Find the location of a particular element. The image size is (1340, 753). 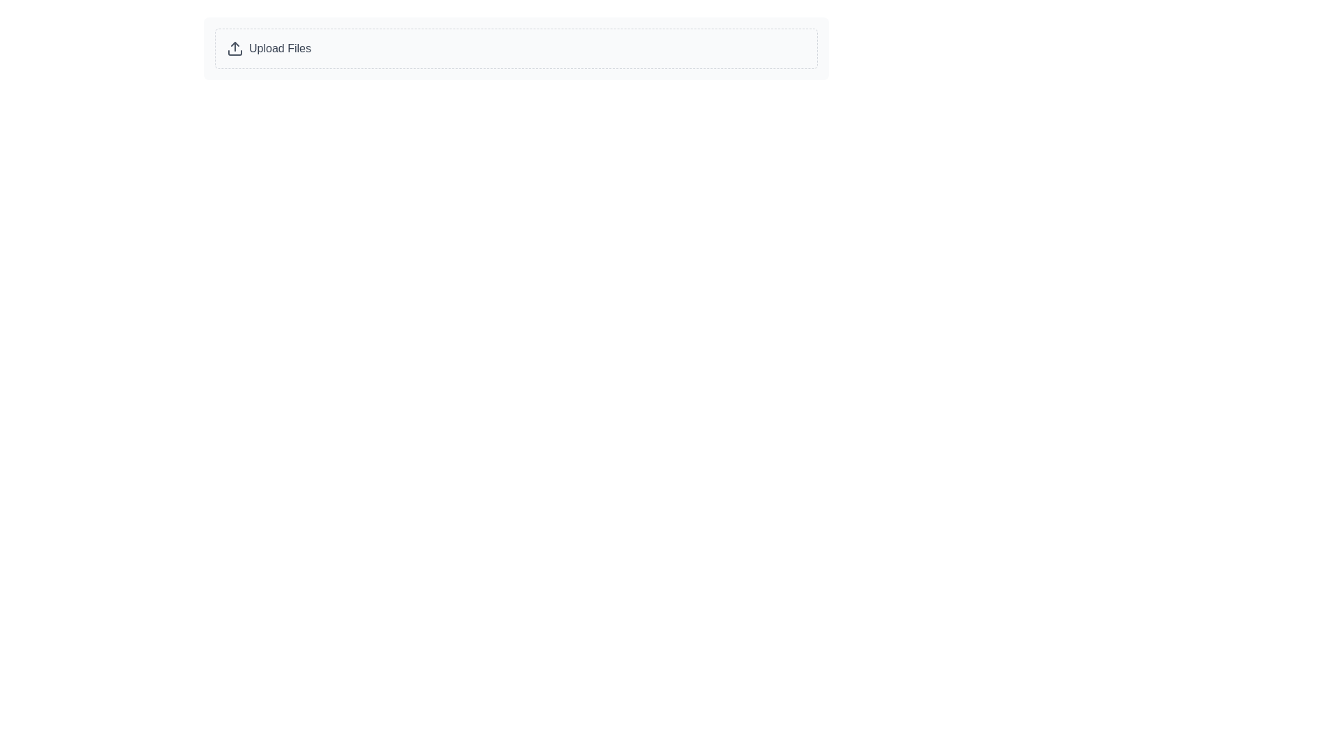

the upload icon located to the far left of the 'Upload Files' area is located at coordinates (234, 47).